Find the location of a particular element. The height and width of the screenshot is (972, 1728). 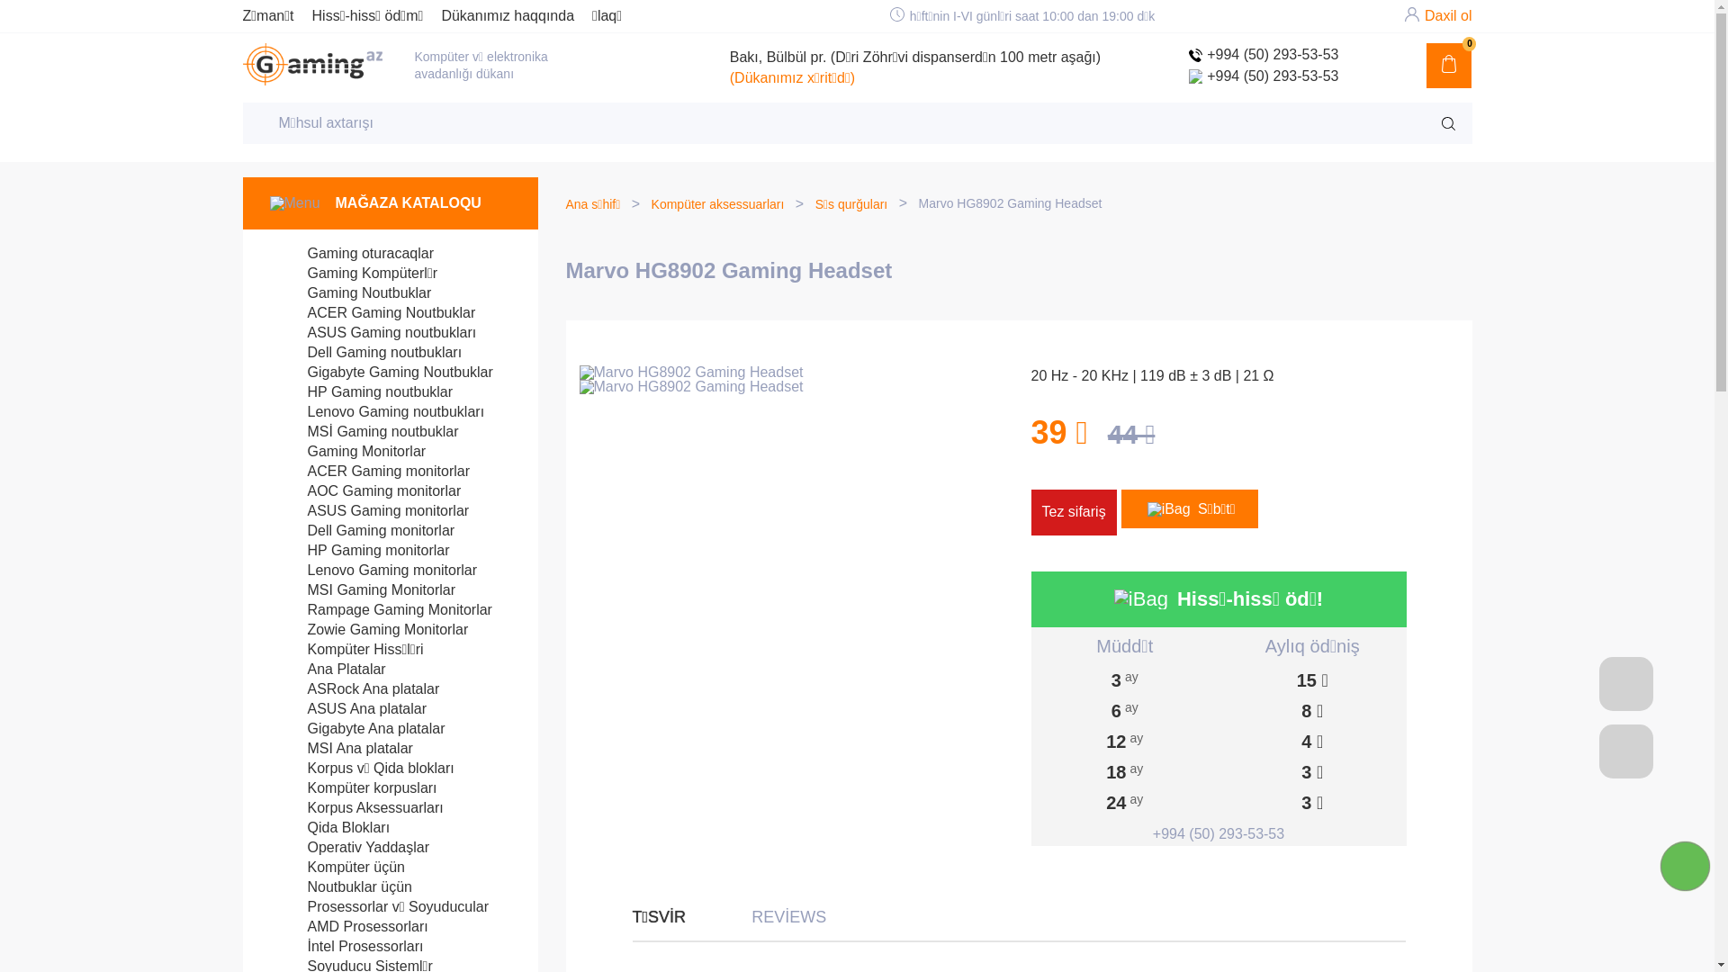

'Gaming oturacaqlar' is located at coordinates (352, 253).